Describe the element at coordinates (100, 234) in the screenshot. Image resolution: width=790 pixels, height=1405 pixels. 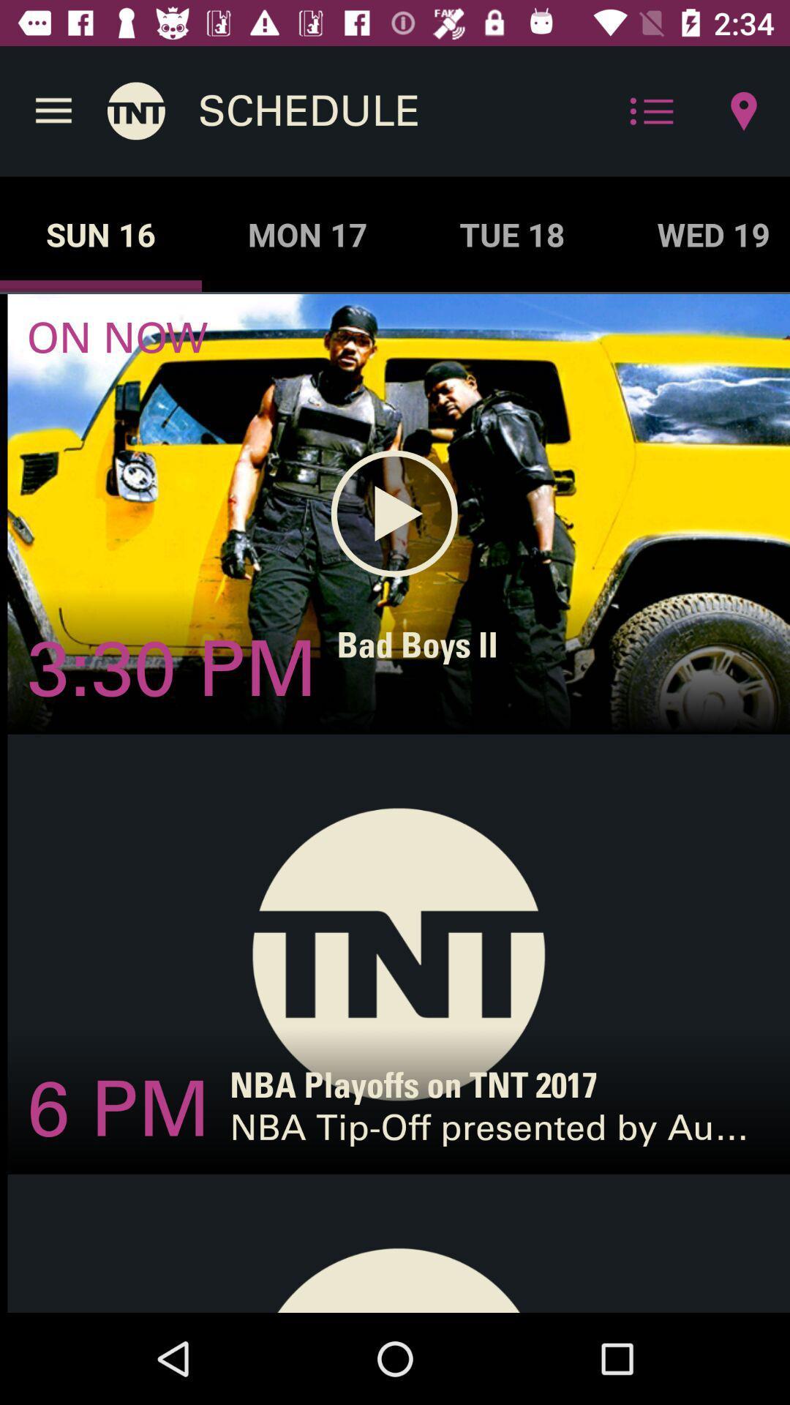
I see `the icon next to the mon 17 item` at that location.